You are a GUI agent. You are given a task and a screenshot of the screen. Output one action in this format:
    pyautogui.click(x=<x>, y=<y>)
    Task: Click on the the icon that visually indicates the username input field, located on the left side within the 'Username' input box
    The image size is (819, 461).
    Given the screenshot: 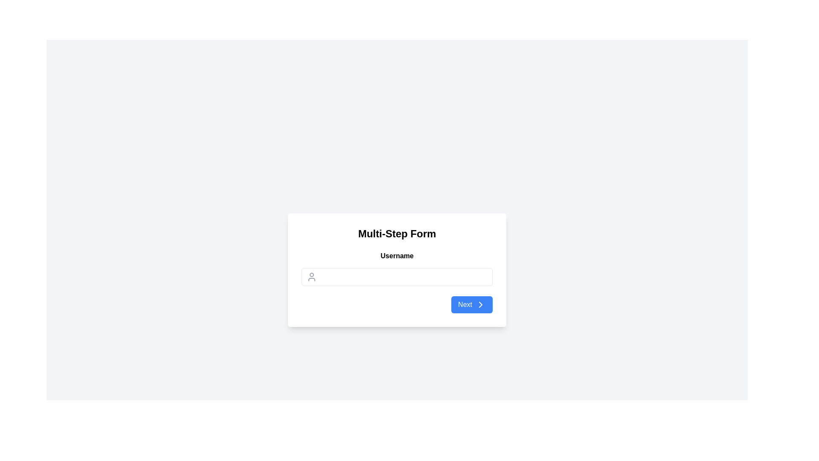 What is the action you would take?
    pyautogui.click(x=311, y=277)
    